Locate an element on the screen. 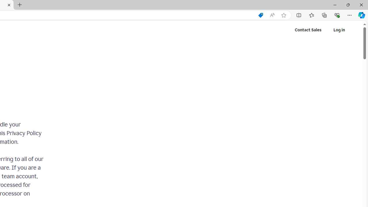  'Contact Sales' is located at coordinates (308, 30).